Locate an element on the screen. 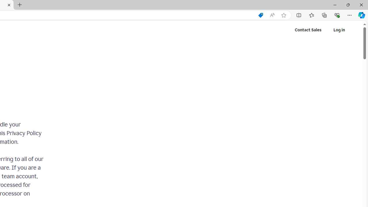  'Contact Sales' is located at coordinates (308, 30).